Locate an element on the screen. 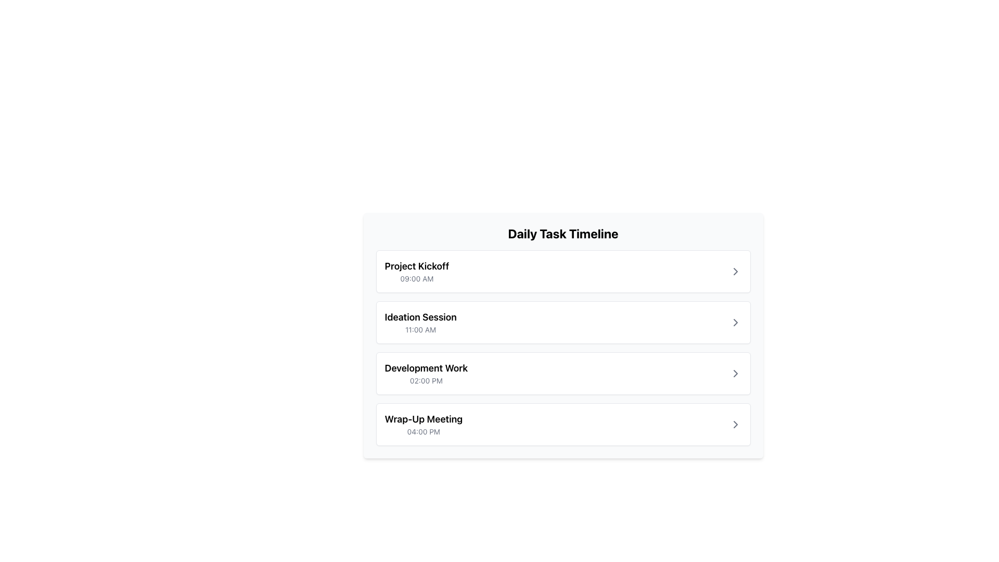  the 'Wrap-Up Meeting' agenda item in the Daily Task Timeline list is located at coordinates (562, 425).